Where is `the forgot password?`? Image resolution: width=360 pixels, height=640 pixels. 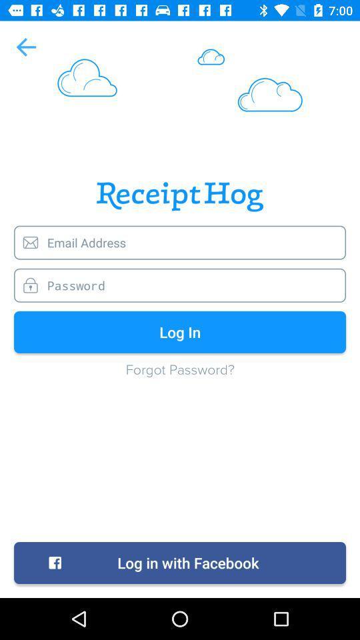 the forgot password? is located at coordinates (180, 375).